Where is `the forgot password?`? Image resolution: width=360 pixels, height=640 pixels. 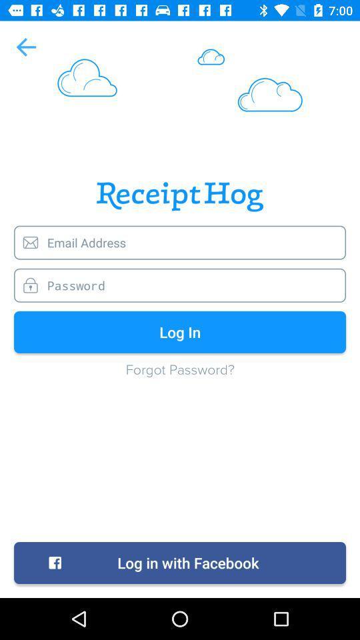 the forgot password? is located at coordinates (180, 375).